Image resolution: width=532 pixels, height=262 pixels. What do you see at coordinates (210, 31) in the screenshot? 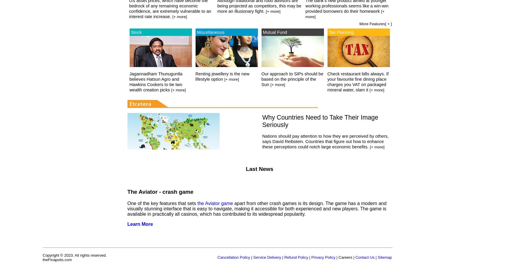
I see `'Miscellaneous'` at bounding box center [210, 31].